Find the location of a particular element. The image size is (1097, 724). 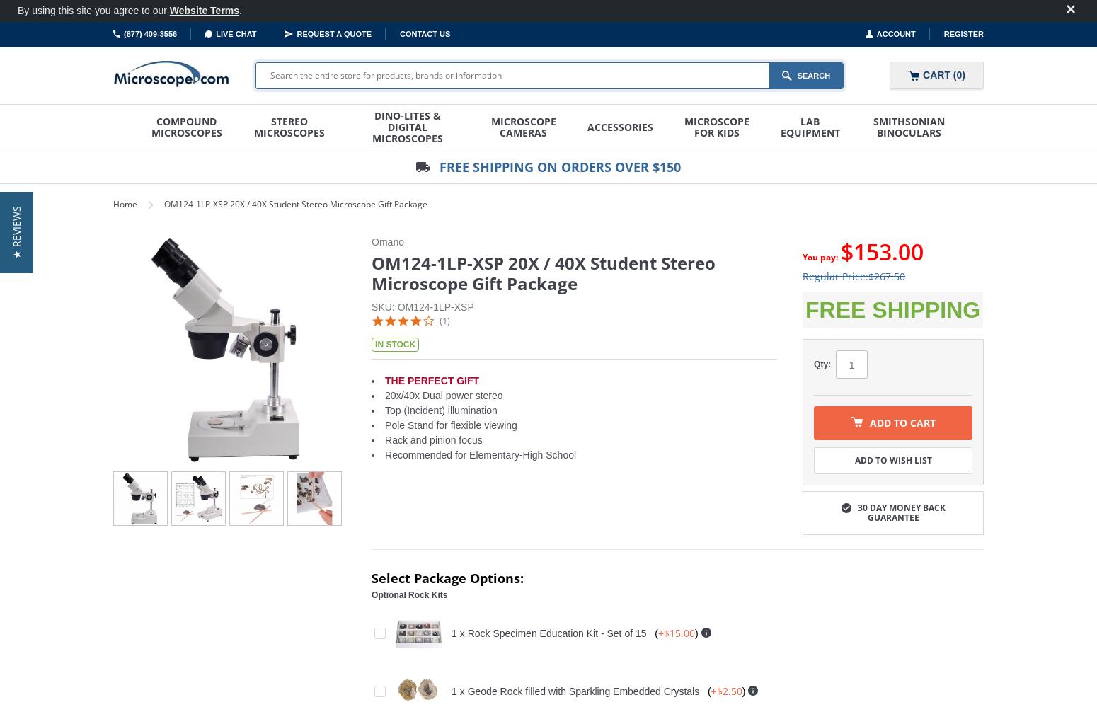

'Select Package Options:' is located at coordinates (370, 578).